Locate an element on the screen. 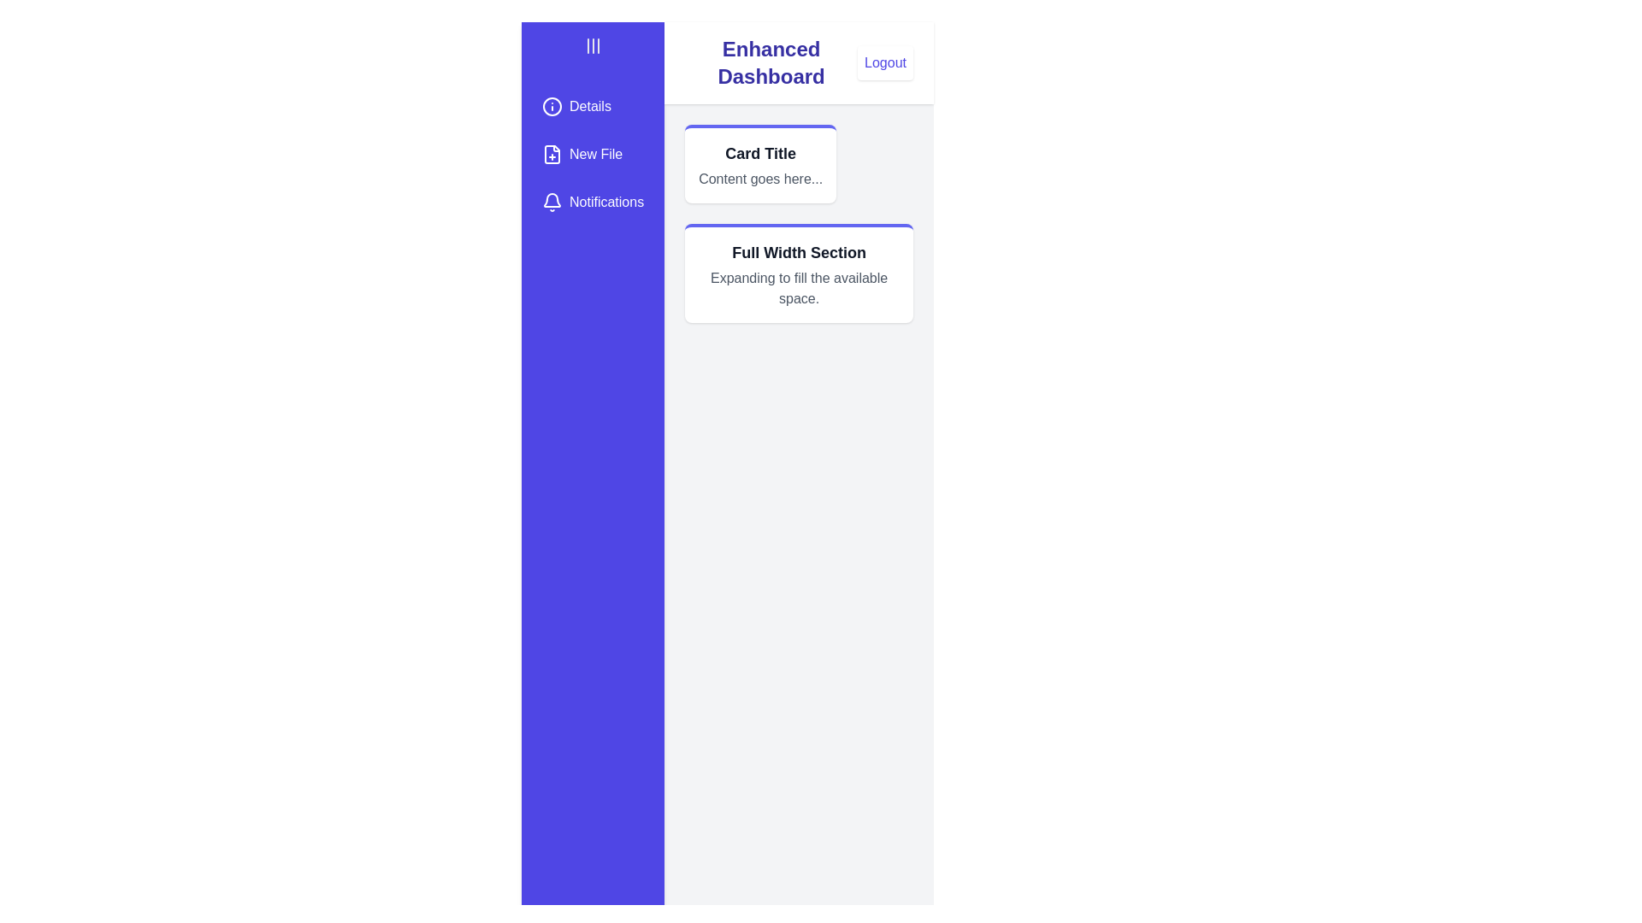 The image size is (1642, 923). the title text element located within the card component on the right-hand side of the interface, above the smaller text 'Content goes here...' is located at coordinates (759, 154).